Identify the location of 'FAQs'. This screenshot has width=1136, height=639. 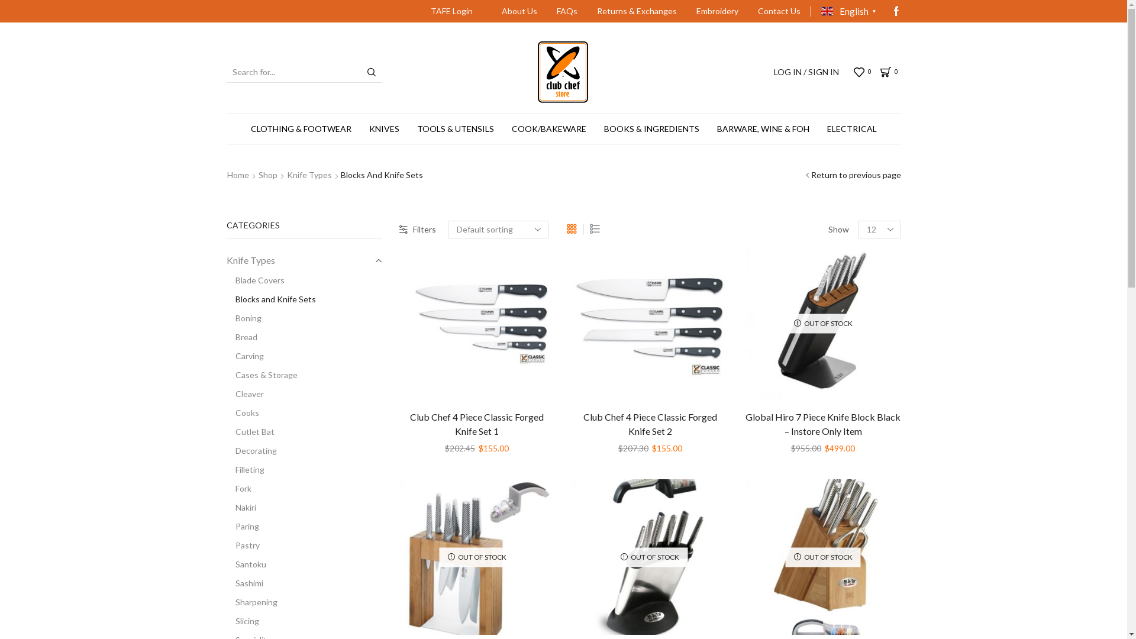
(566, 11).